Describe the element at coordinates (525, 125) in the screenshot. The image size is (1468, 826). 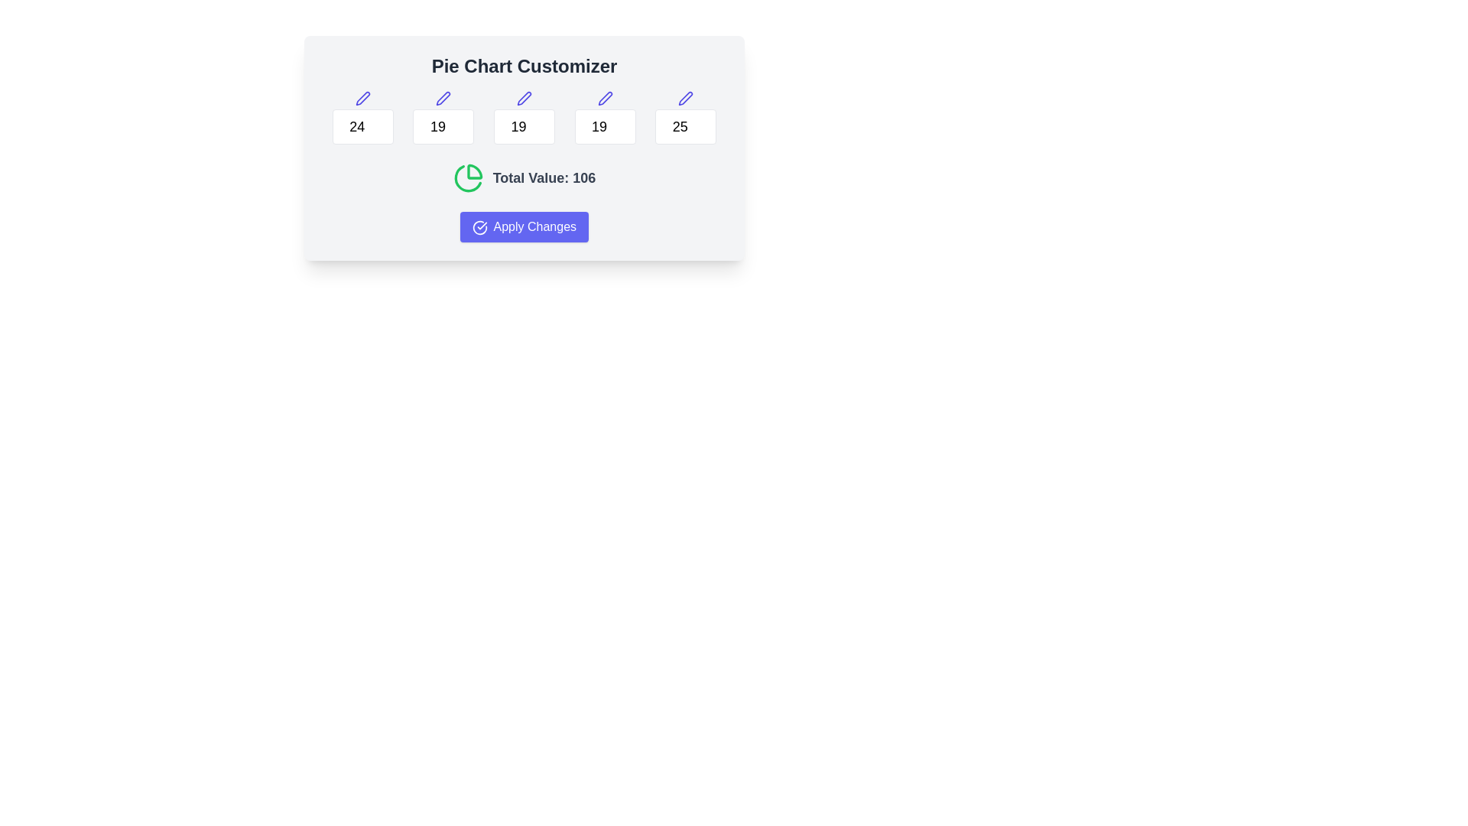
I see `the third number input box under the 'Pie Chart Customizer'` at that location.